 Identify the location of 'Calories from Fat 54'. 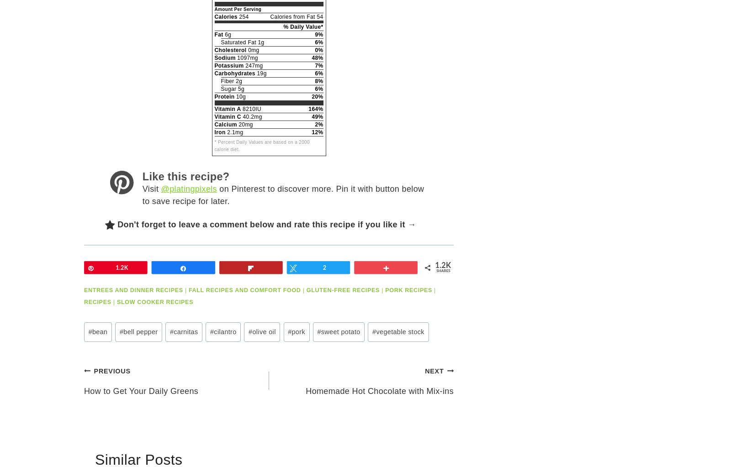
(296, 17).